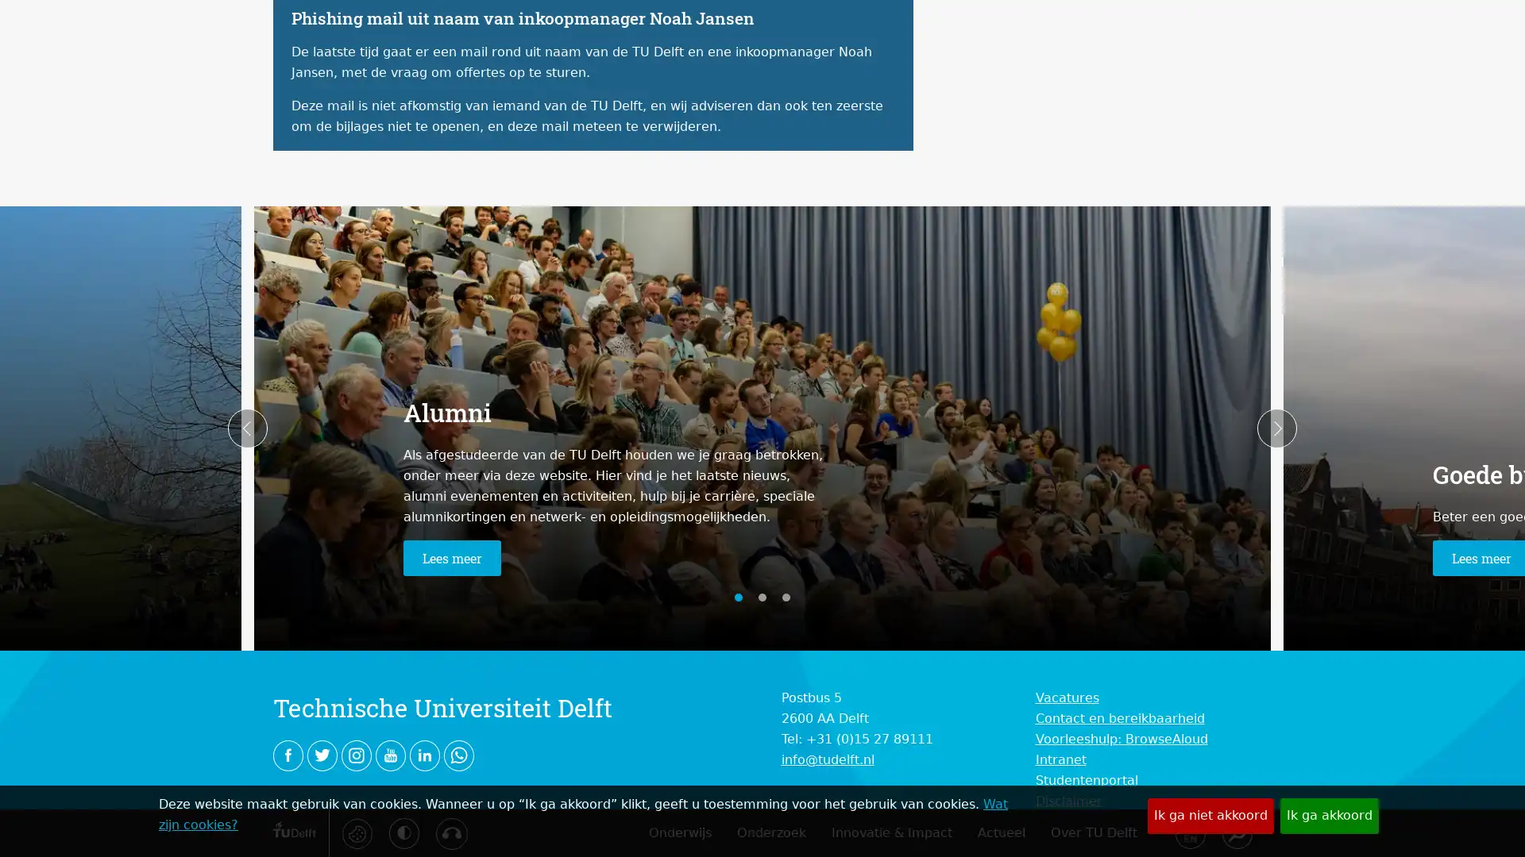  Describe the element at coordinates (403, 832) in the screenshot. I see `Activeer hoog contrast` at that location.